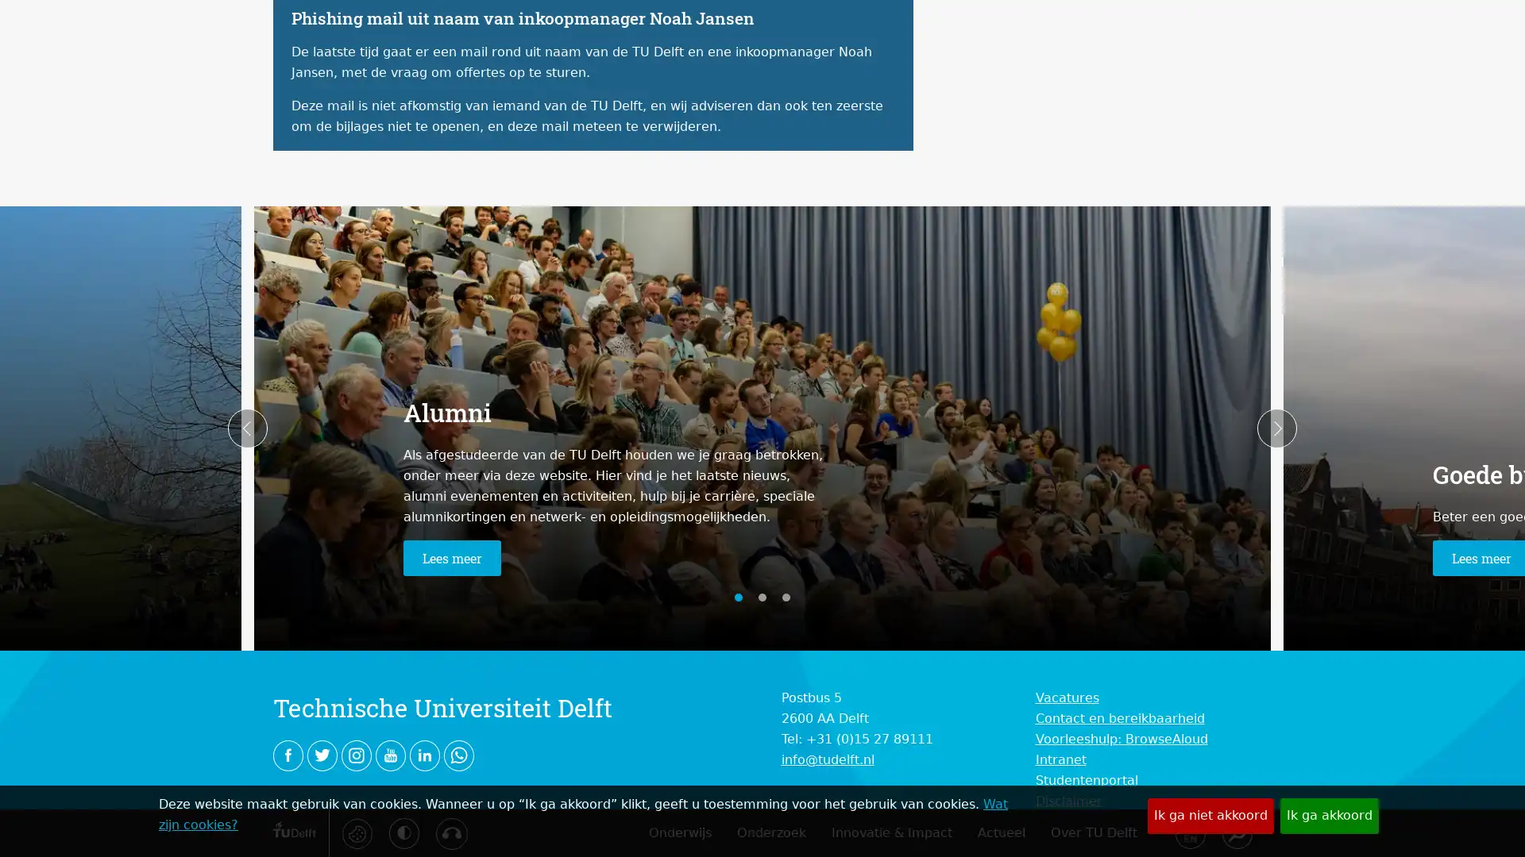  Describe the element at coordinates (403, 832) in the screenshot. I see `Activeer hoog contrast` at that location.